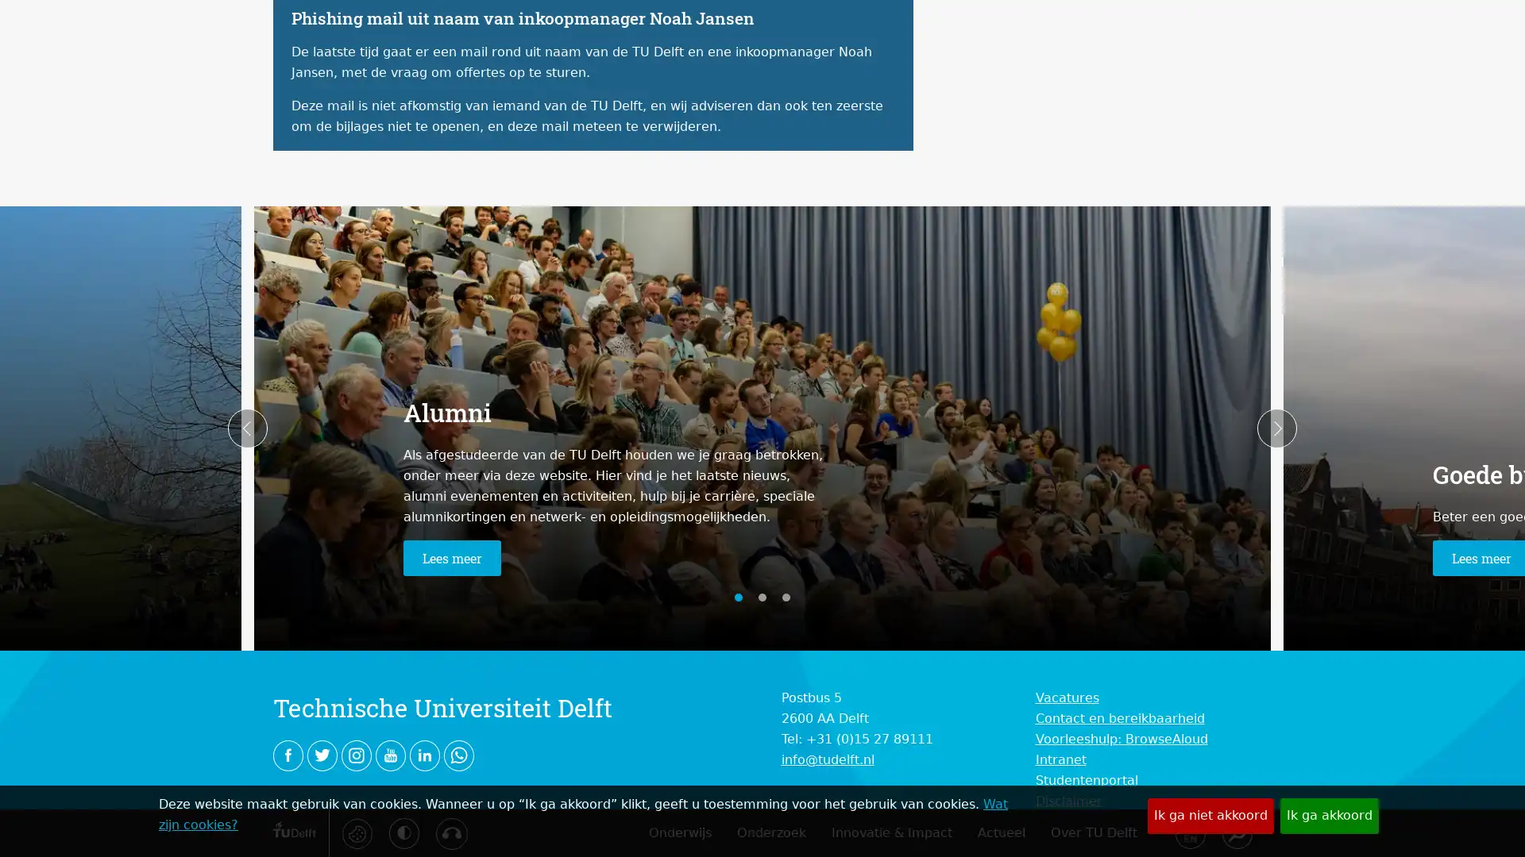  Describe the element at coordinates (403, 832) in the screenshot. I see `Activeer hoog contrast` at that location.